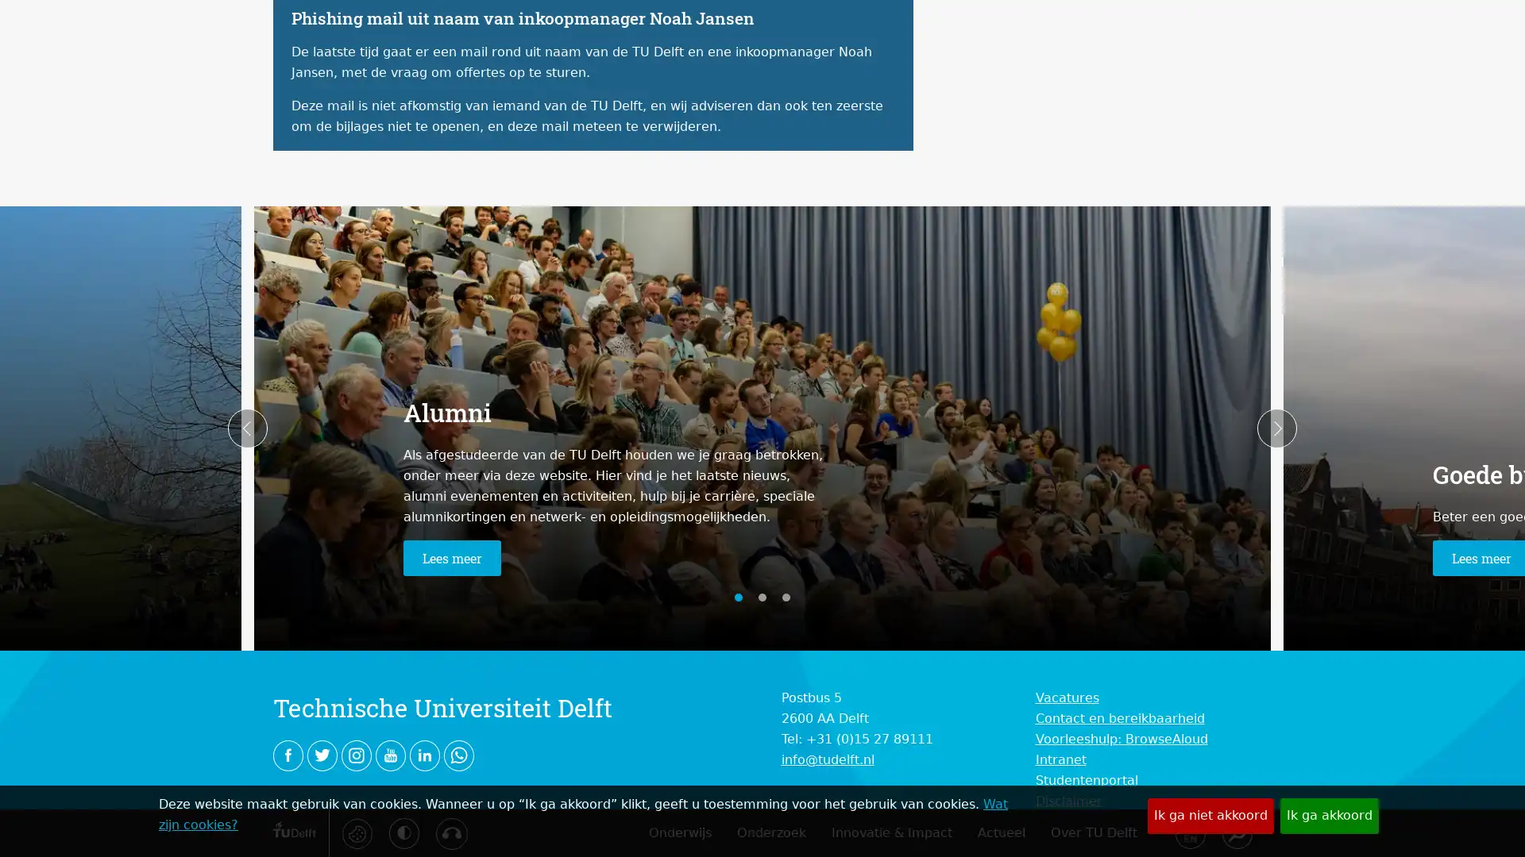  Describe the element at coordinates (403, 832) in the screenshot. I see `Activeer hoog contrast` at that location.